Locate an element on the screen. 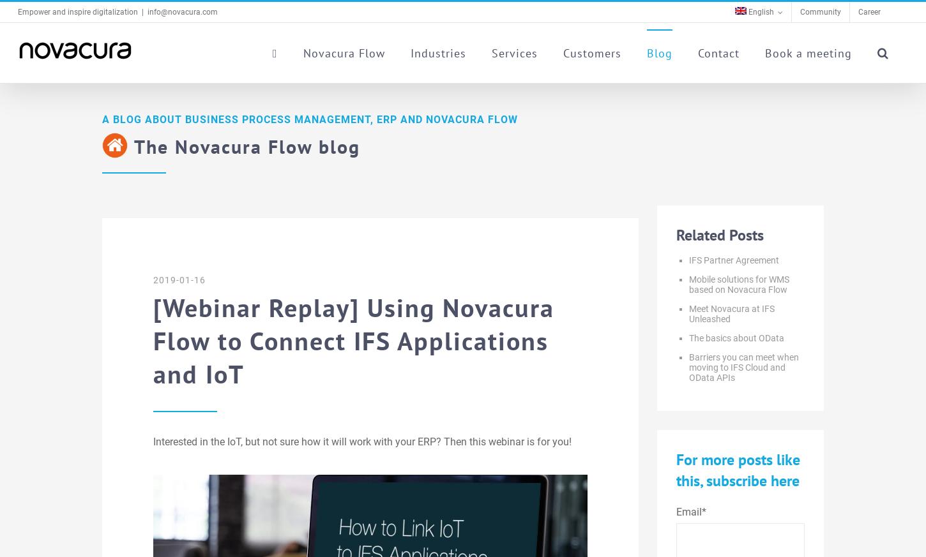 Image resolution: width=926 pixels, height=557 pixels. '2019-01-16' is located at coordinates (179, 280).